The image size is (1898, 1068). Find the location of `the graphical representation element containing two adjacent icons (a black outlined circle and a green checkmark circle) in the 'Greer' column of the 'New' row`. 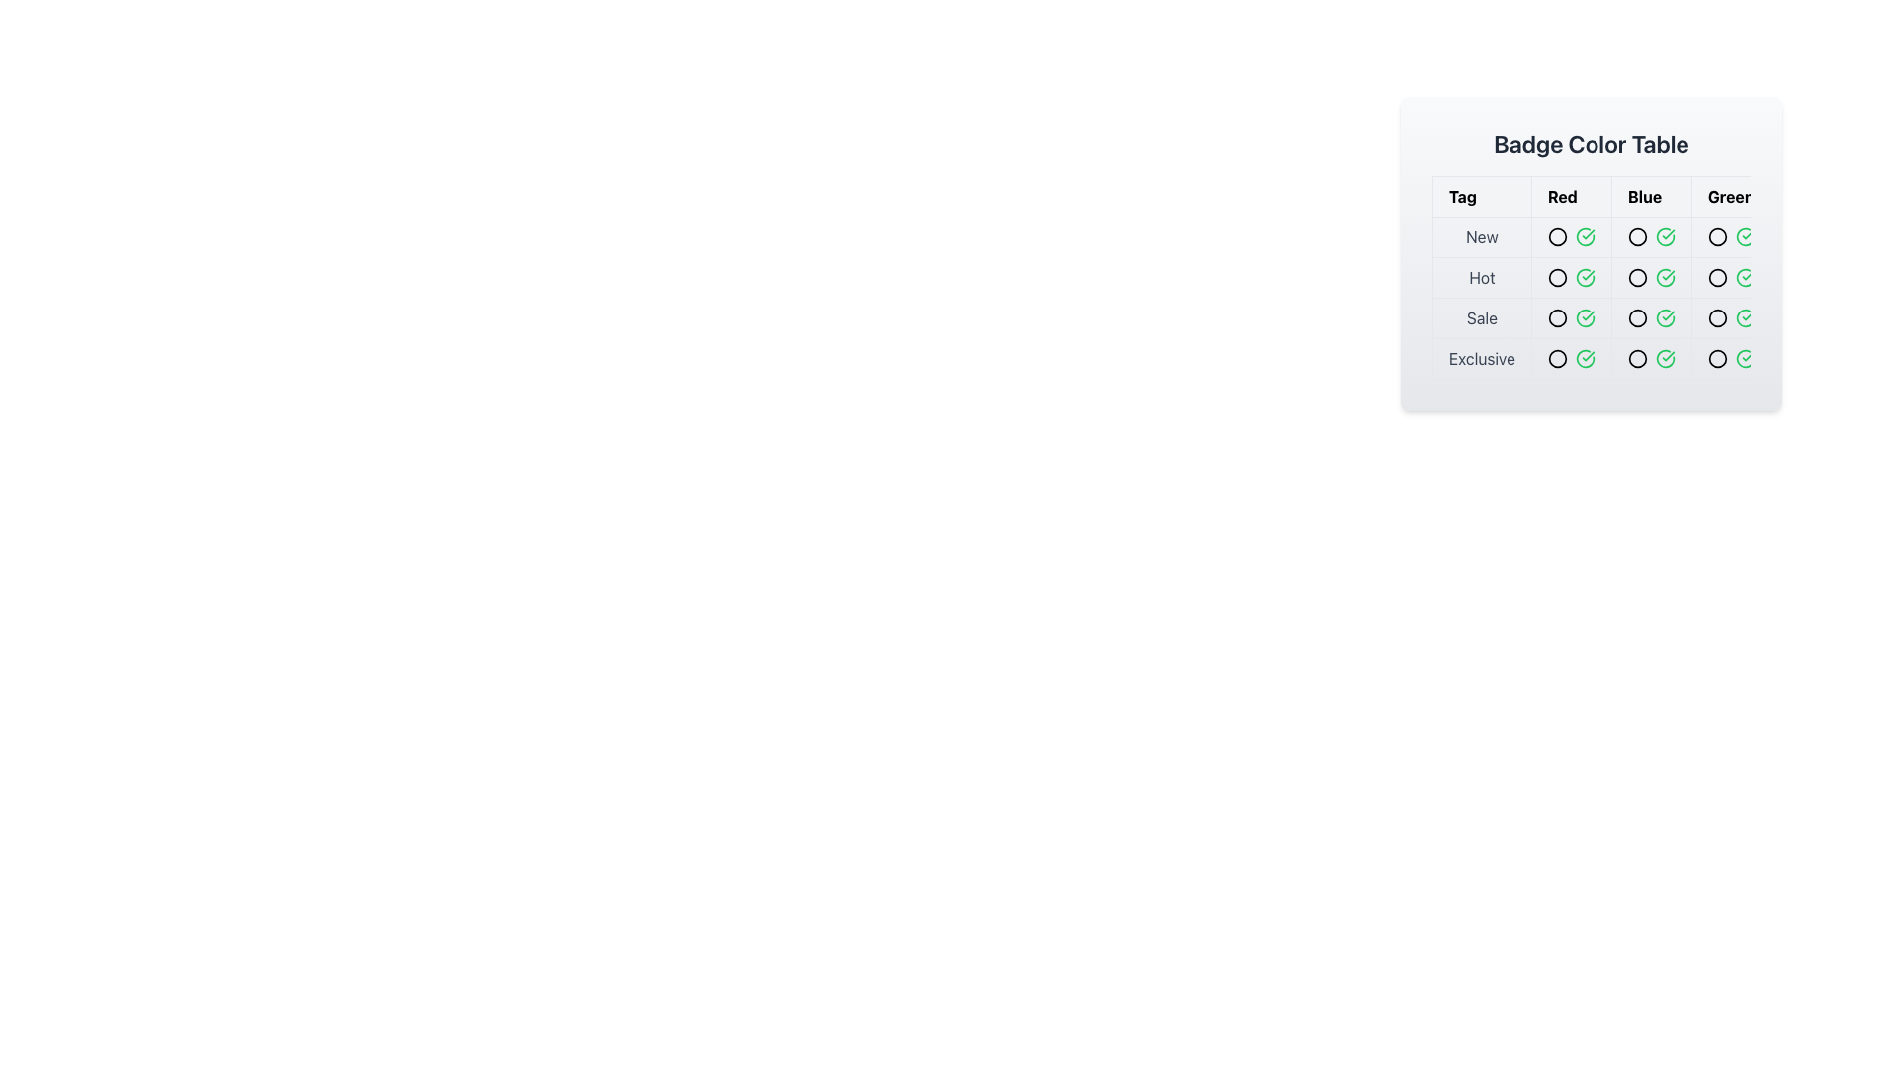

the graphical representation element containing two adjacent icons (a black outlined circle and a green checkmark circle) in the 'Greer' column of the 'New' row is located at coordinates (1730, 235).